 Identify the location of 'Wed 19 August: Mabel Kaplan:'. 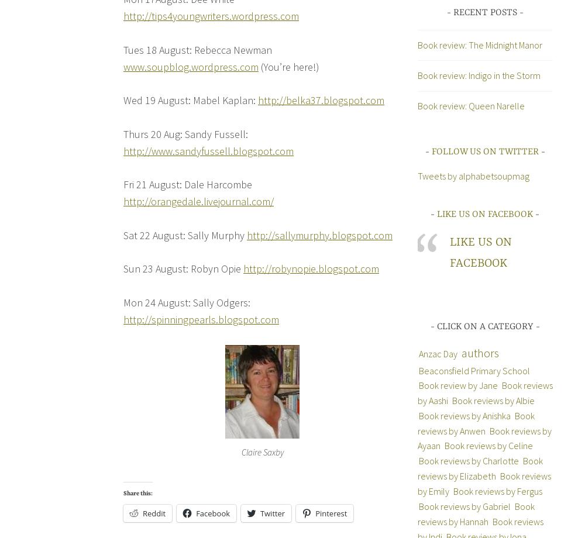
(190, 99).